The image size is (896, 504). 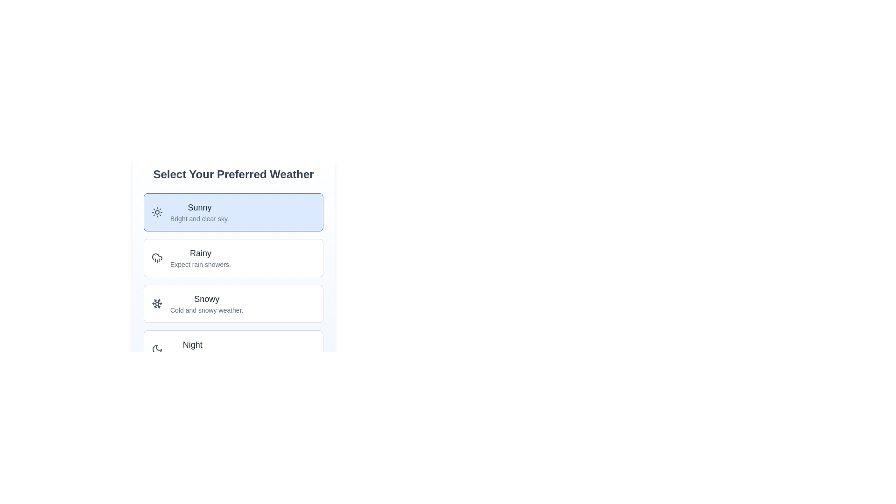 What do you see at coordinates (157, 258) in the screenshot?
I see `the 'Rainy' weather condition icon located to the left of the descriptive text, which is the first visible element in the Rainy section` at bounding box center [157, 258].